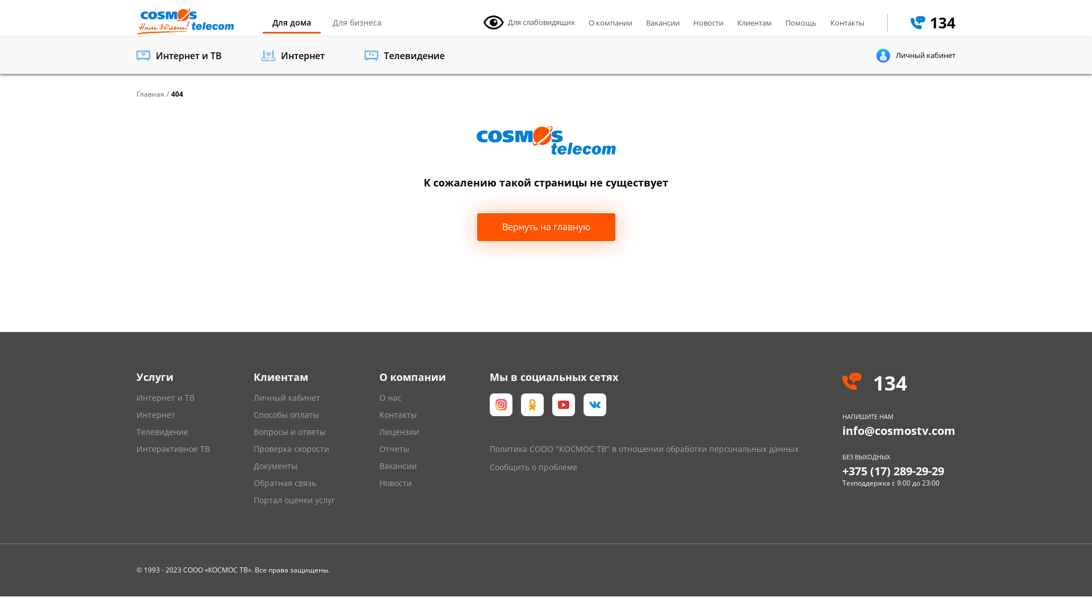 The height and width of the screenshot is (614, 1092). I want to click on '134', so click(933, 22).